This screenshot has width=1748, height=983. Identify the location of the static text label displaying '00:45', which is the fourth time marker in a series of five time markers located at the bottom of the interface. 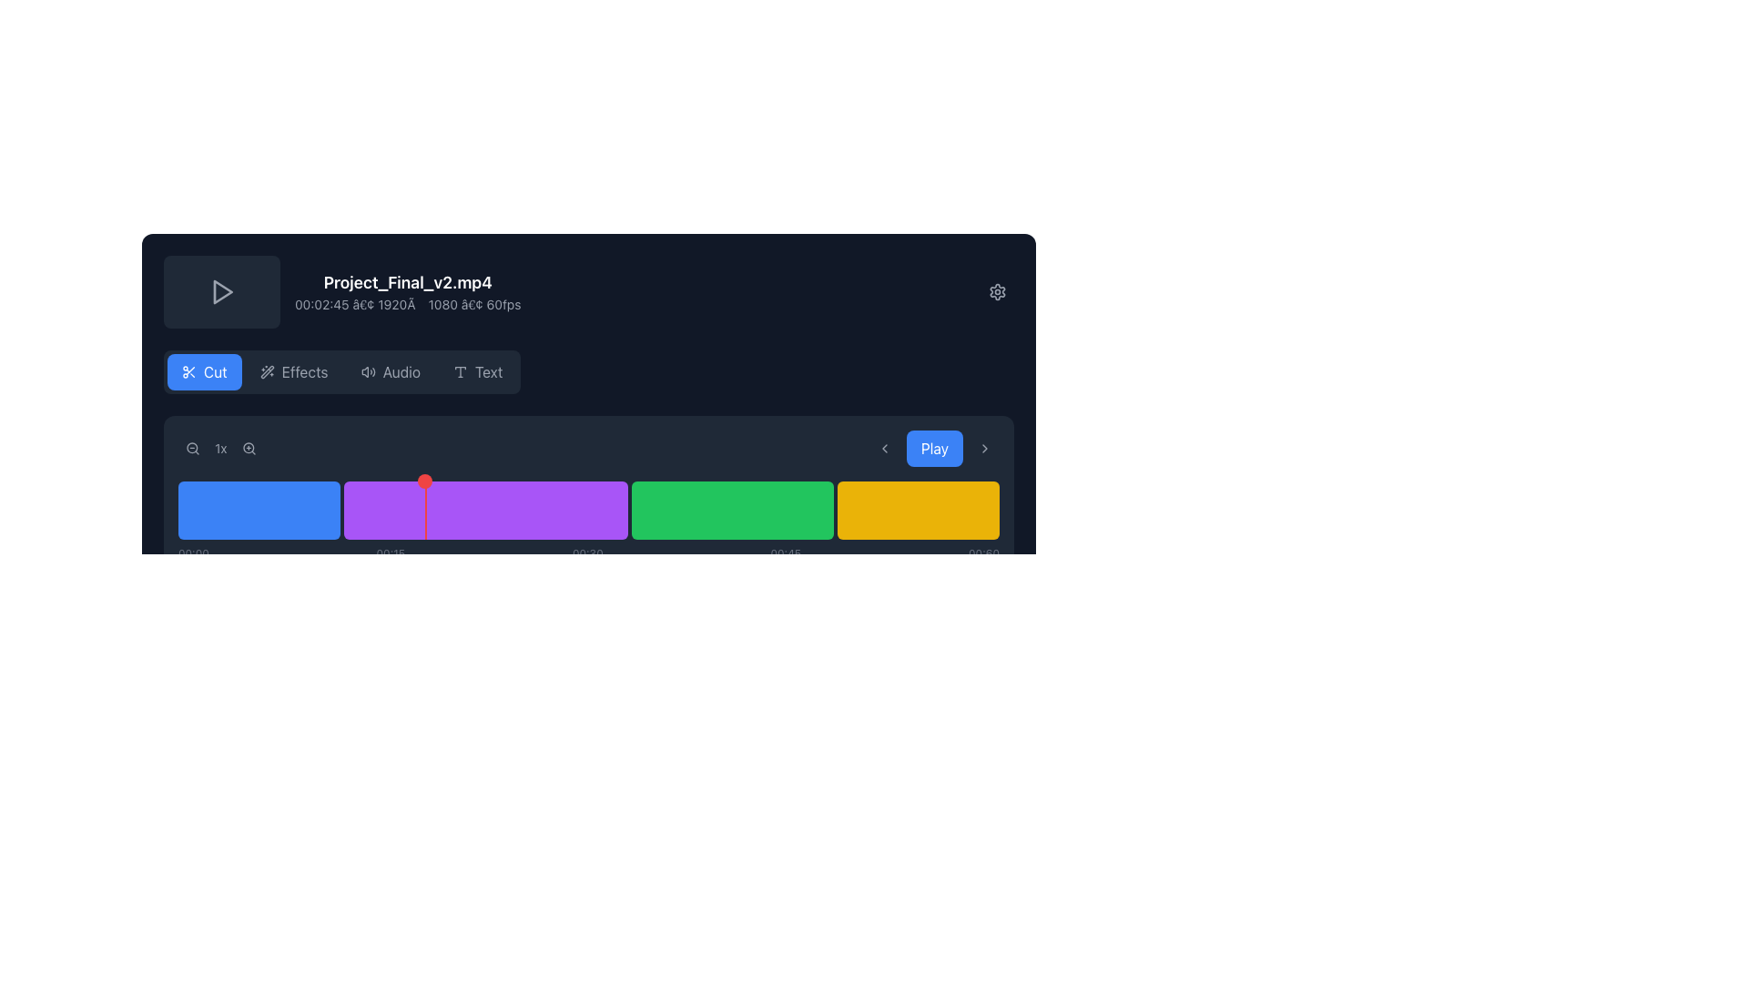
(786, 553).